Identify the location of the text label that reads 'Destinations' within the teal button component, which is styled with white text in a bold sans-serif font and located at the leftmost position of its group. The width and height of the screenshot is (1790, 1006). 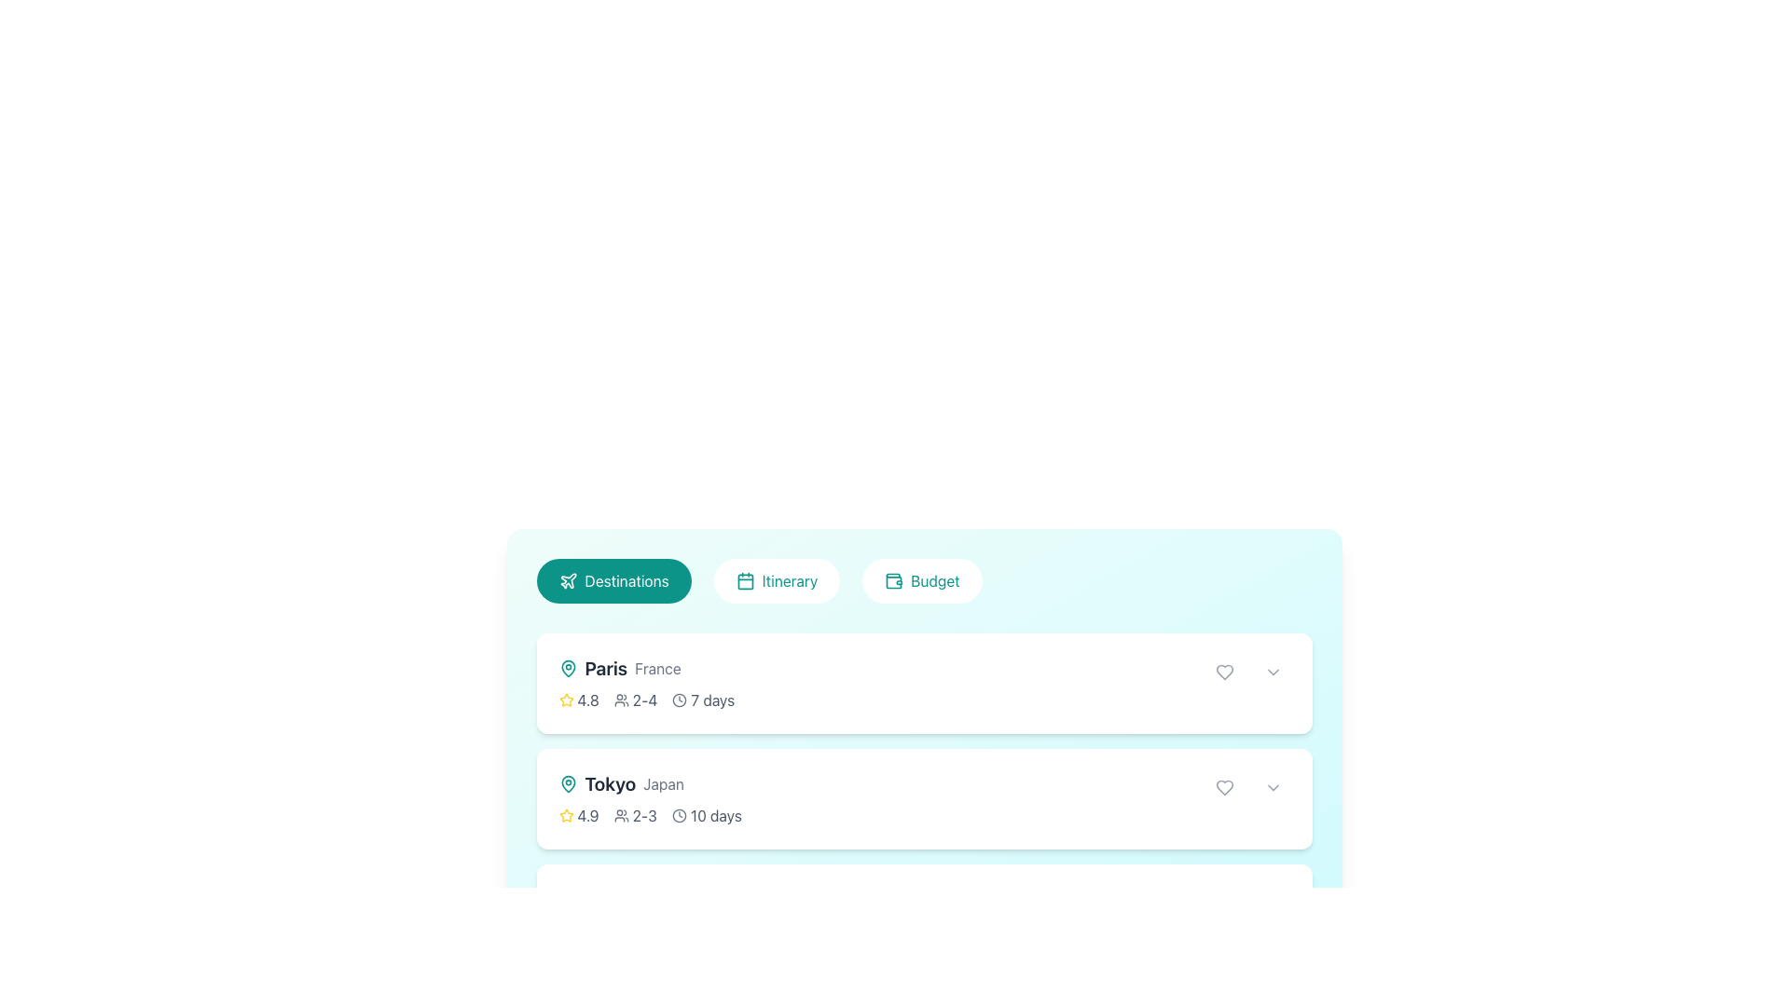
(626, 580).